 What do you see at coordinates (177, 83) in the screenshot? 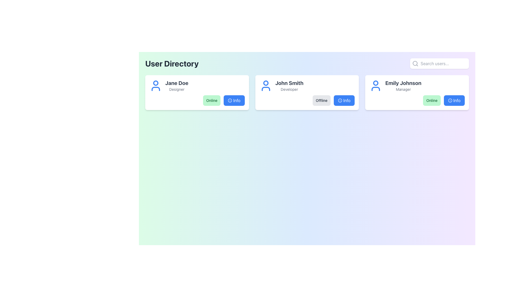
I see `the text label displaying 'Jane Doe' to initiate an action, located in the center-left profile card above the subtitle 'Designer'` at bounding box center [177, 83].